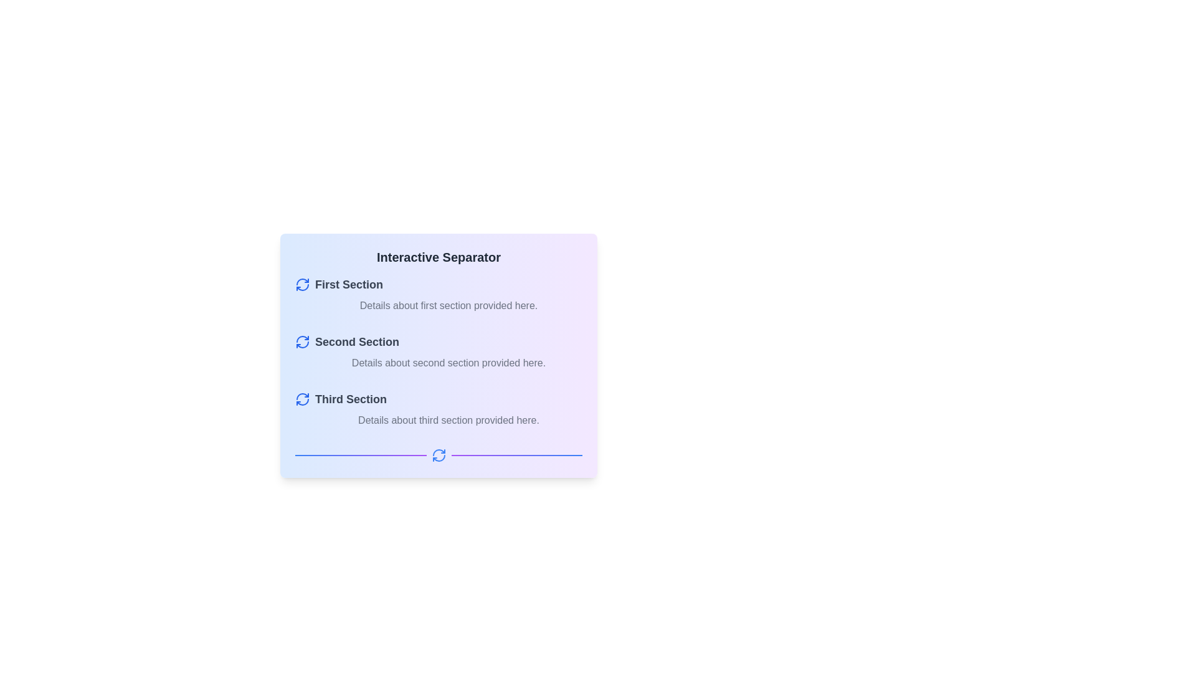  I want to click on the text block containing the gray text 'Details about first section provided here.' positioned underneath the 'First Section' heading, so click(439, 305).